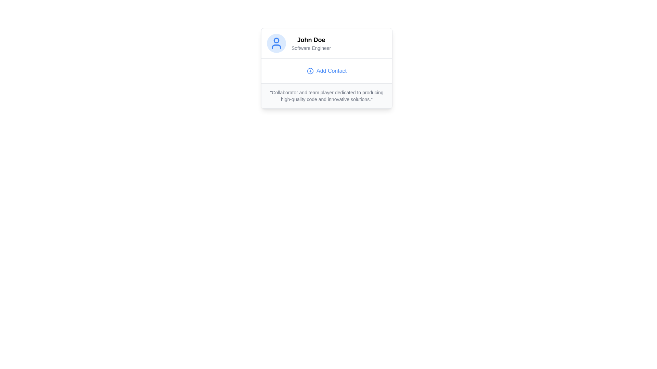  What do you see at coordinates (326, 71) in the screenshot?
I see `the button or interactive link that adds 'John Doe' as a contact, located in the detailed profile card just below the 'Software Engineer' label` at bounding box center [326, 71].